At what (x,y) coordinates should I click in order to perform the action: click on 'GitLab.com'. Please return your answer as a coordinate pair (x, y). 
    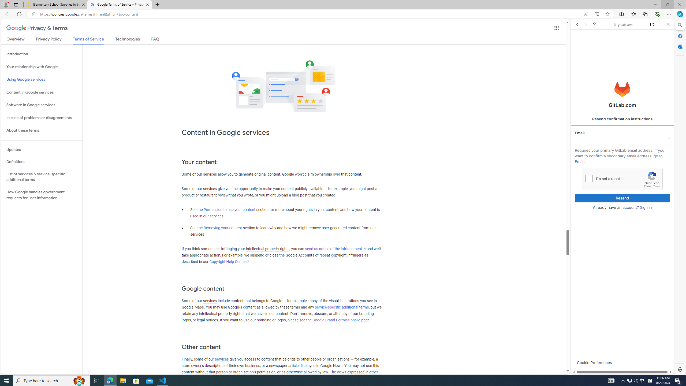
    Looking at the image, I should click on (622, 89).